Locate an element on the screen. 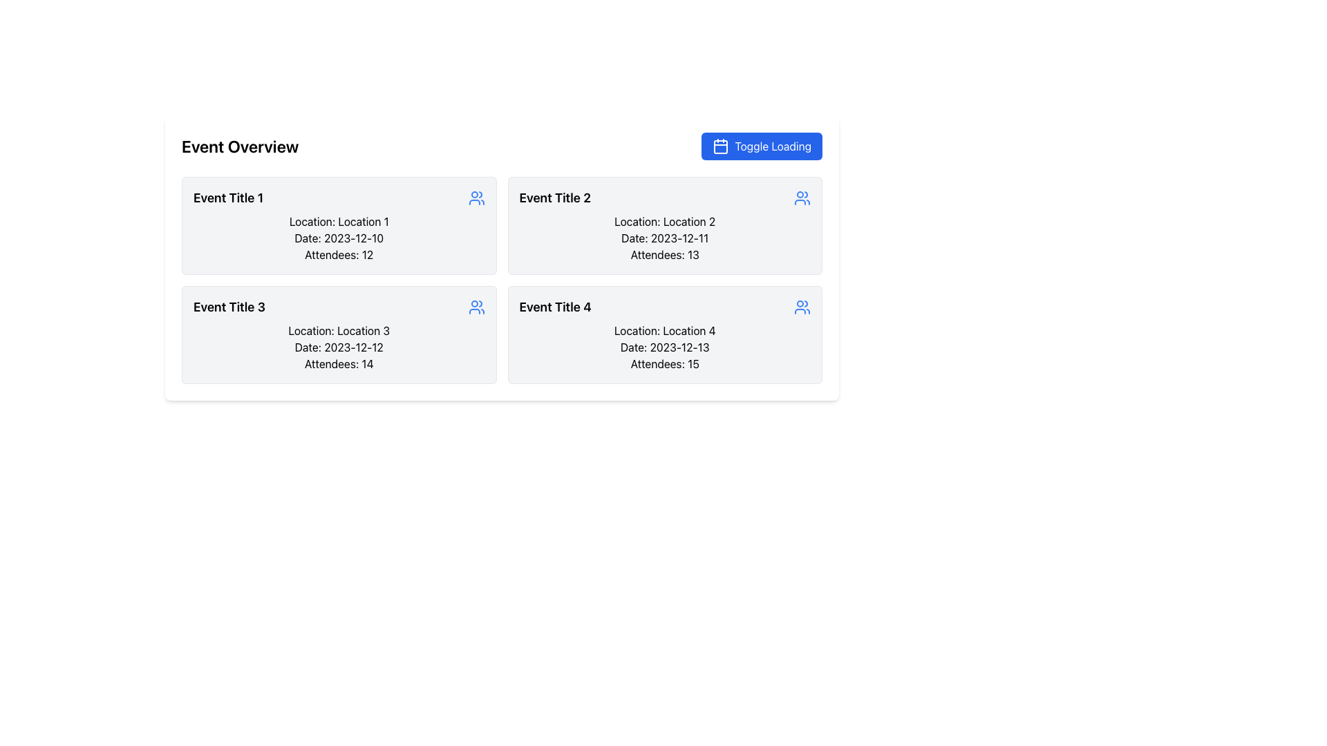  text from the Text Label indicating the specific date 'Date: 2023-12-13' located on the third line inside the card labeled 'Event Title 4' in the bottom-right corner of the grid layout is located at coordinates (665, 346).